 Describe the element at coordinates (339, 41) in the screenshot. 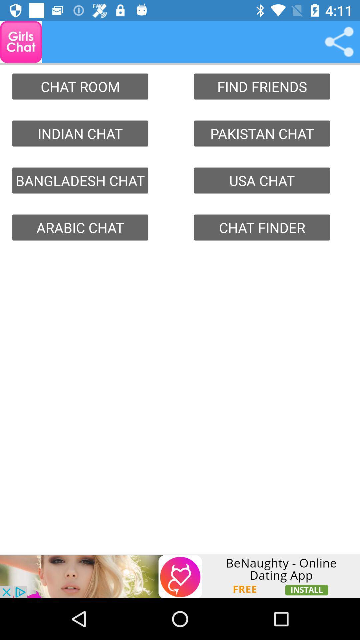

I see `link media` at that location.